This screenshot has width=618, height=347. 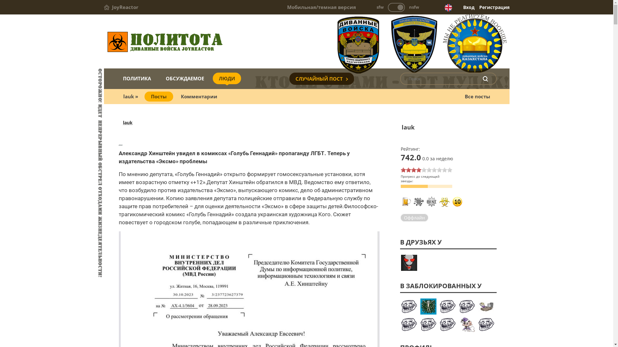 I want to click on 'lauk', so click(x=123, y=122).